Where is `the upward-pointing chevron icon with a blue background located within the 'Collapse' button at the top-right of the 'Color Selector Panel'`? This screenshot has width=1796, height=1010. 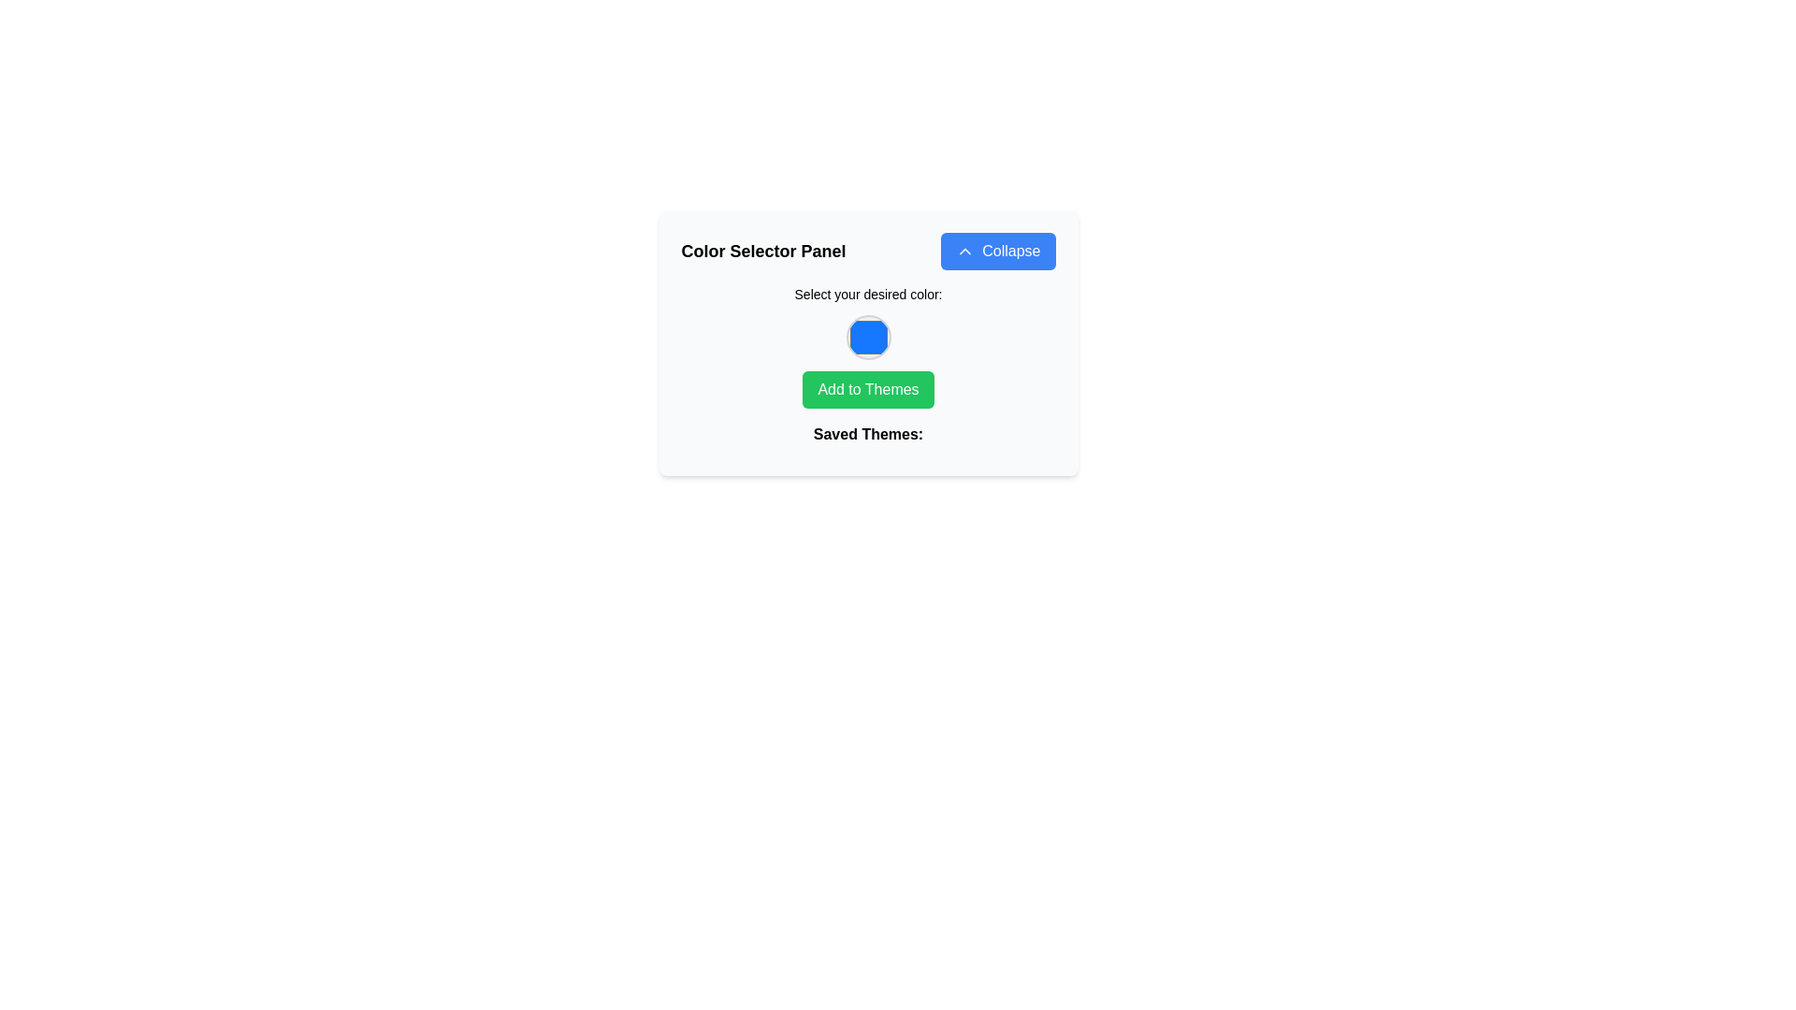 the upward-pointing chevron icon with a blue background located within the 'Collapse' button at the top-right of the 'Color Selector Panel' is located at coordinates (965, 251).